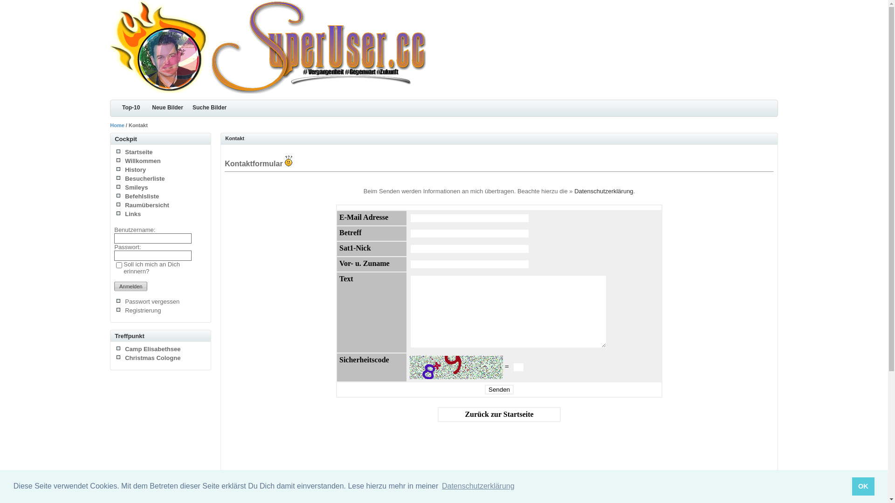 The image size is (895, 503). Describe the element at coordinates (132, 214) in the screenshot. I see `'Links'` at that location.